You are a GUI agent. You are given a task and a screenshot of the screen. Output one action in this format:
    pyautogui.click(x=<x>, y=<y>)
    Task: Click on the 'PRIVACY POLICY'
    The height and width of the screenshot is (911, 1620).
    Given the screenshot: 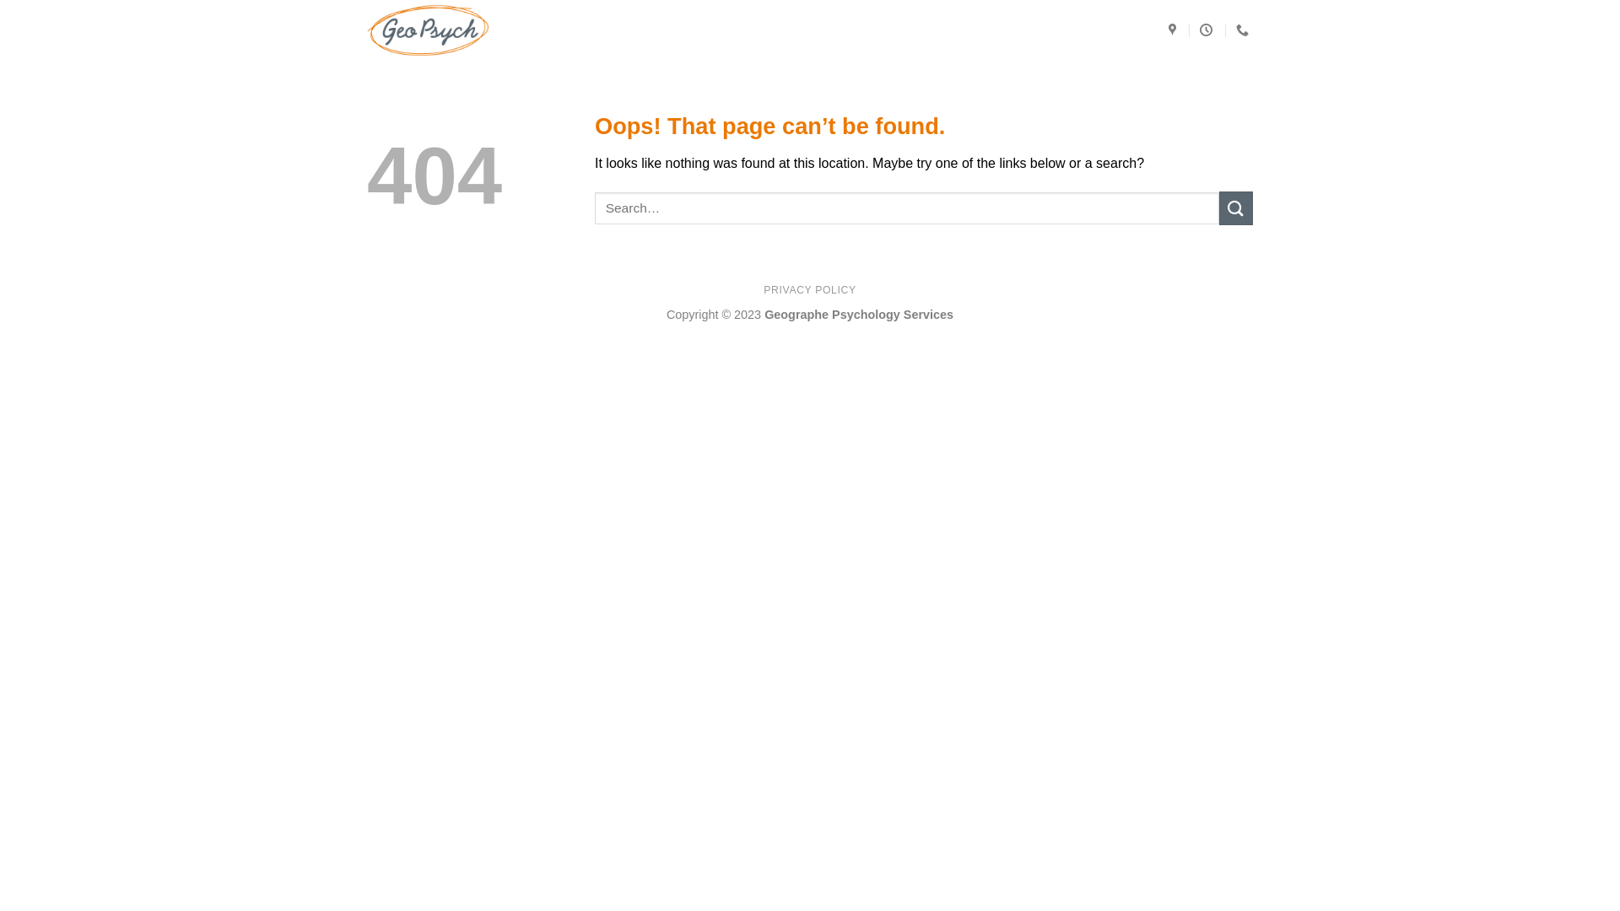 What is the action you would take?
    pyautogui.click(x=763, y=288)
    